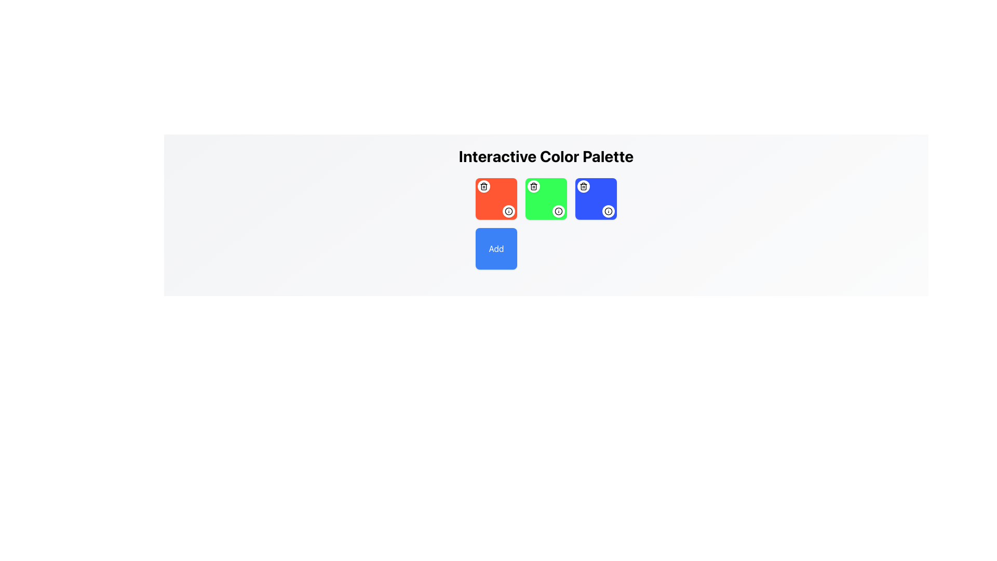 The height and width of the screenshot is (561, 997). I want to click on the circular icon with an 'i' symbol, which is styled with a thin black stroke and located in the bottom-right corner of the blue square in the top-right corner of the element grid, so click(508, 211).